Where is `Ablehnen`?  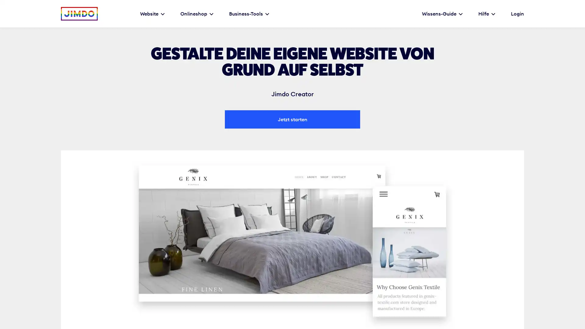
Ablehnen is located at coordinates (317, 316).